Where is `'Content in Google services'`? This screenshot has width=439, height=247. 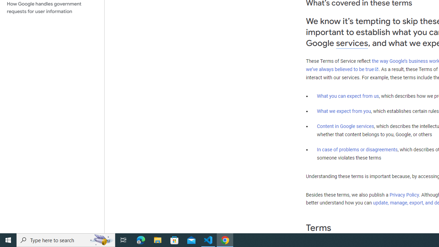 'Content in Google services' is located at coordinates (345, 126).